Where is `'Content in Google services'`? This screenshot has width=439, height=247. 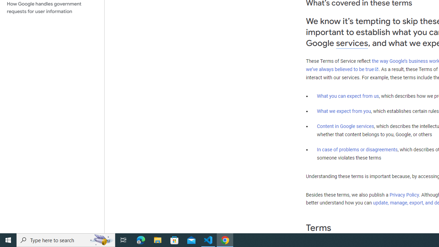 'Content in Google services' is located at coordinates (345, 126).